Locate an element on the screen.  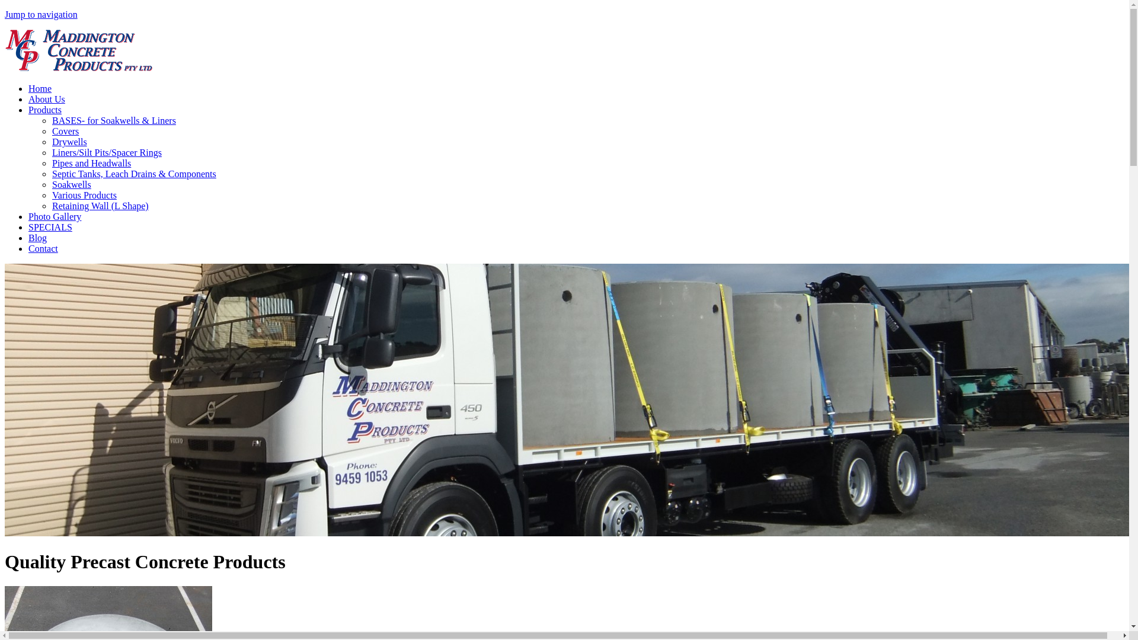
'Various Products' is located at coordinates (84, 194).